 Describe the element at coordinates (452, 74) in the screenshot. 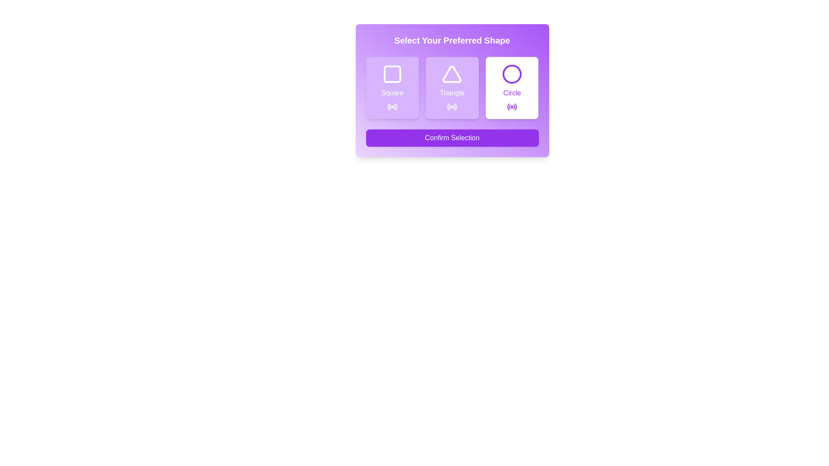

I see `the triangle icon` at that location.